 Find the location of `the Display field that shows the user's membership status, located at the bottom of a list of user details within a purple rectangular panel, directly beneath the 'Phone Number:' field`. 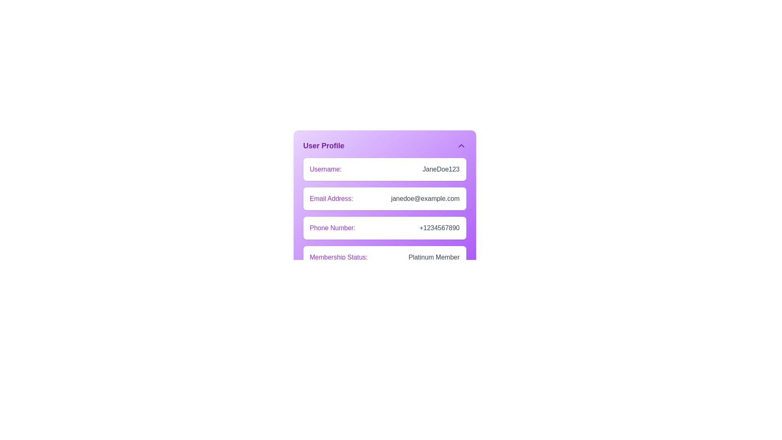

the Display field that shows the user's membership status, located at the bottom of a list of user details within a purple rectangular panel, directly beneath the 'Phone Number:' field is located at coordinates (384, 257).